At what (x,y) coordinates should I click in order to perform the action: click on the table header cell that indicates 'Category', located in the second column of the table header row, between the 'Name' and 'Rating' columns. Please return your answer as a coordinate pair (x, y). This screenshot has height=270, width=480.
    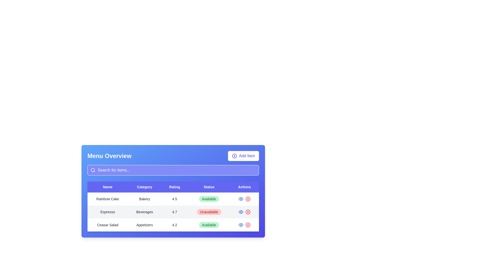
    Looking at the image, I should click on (144, 187).